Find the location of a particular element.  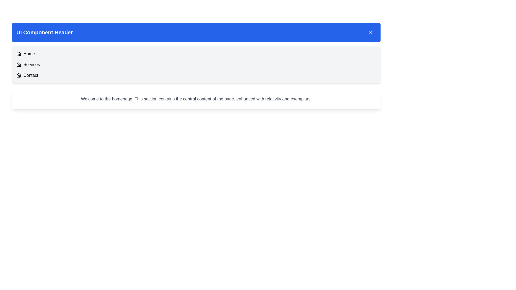

the 'UI Component Header' label, which is styled with bold and large font, displaying in white on a blue background at the top-left corner of the header section is located at coordinates (45, 32).